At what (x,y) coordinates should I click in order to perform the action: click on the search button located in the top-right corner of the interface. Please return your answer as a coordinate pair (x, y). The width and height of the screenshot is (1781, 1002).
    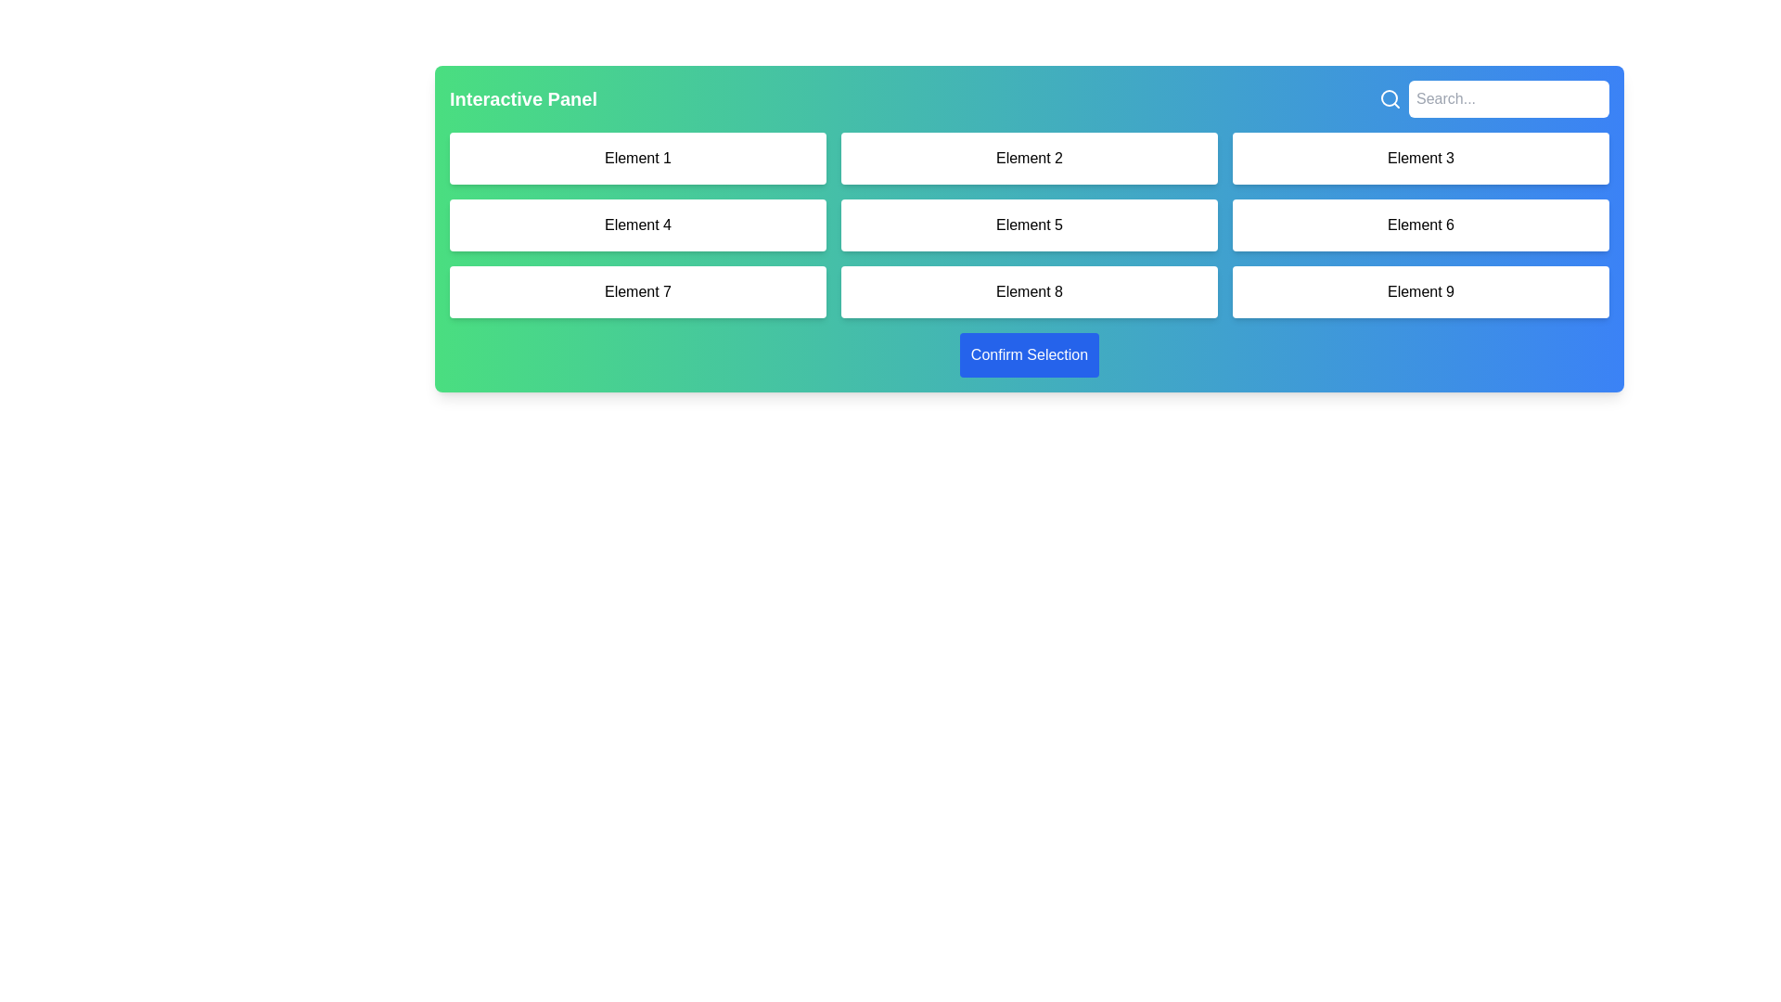
    Looking at the image, I should click on (1390, 99).